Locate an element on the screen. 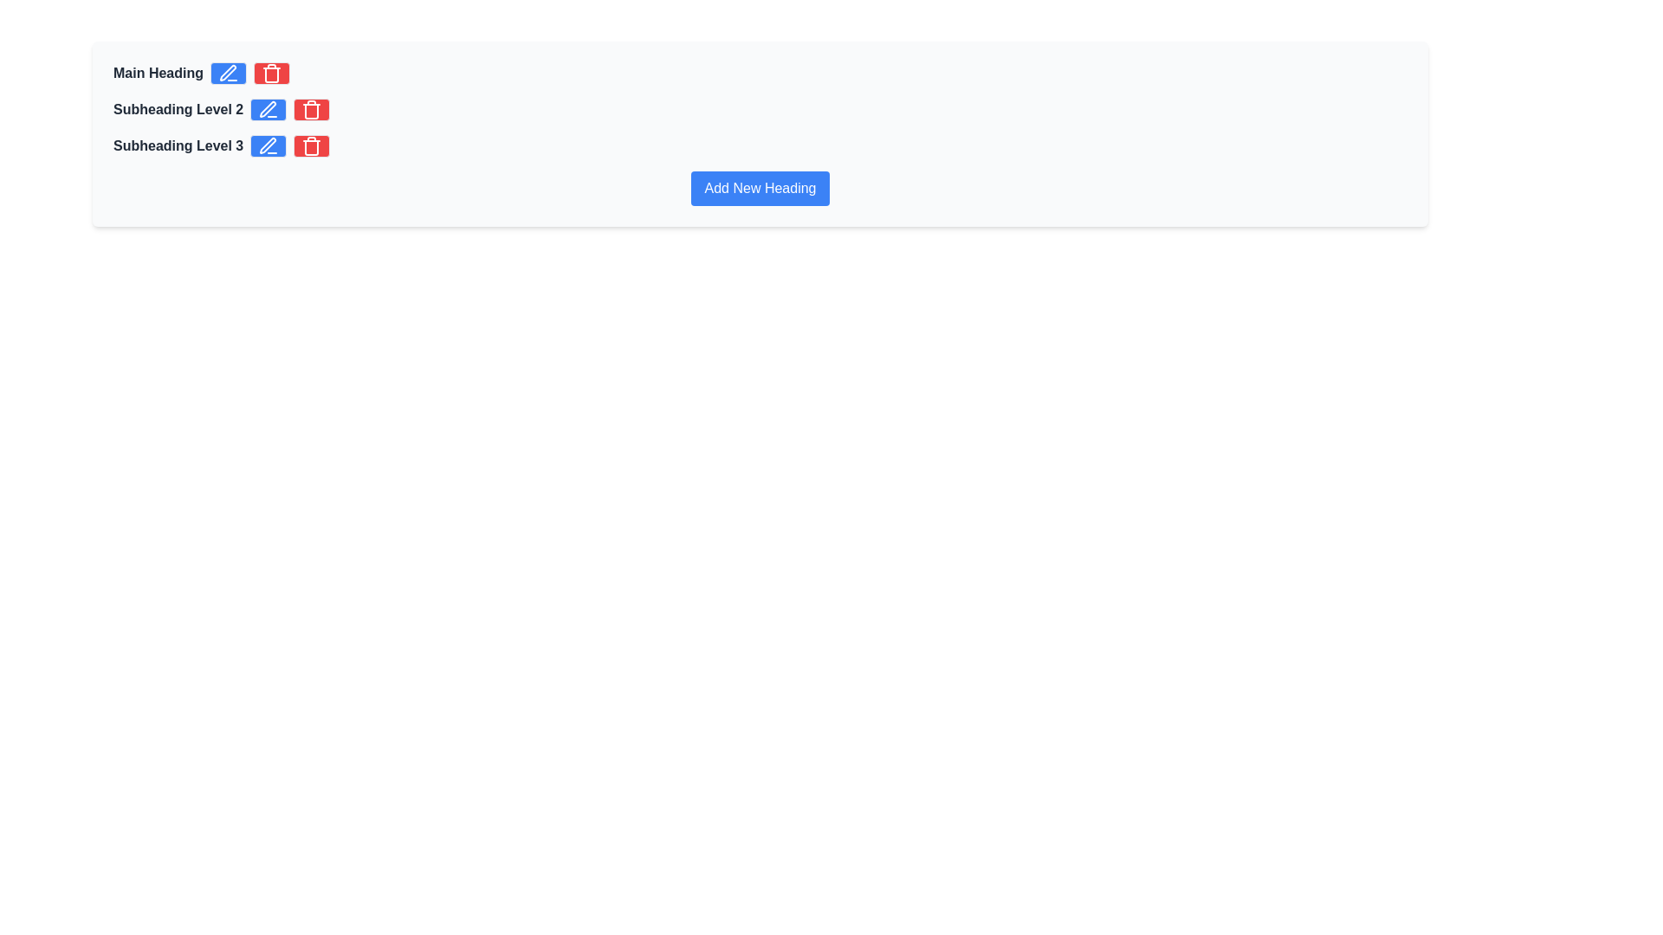  the trash can icon, which serves as a delete button located to the right of each heading level is located at coordinates (312, 110).